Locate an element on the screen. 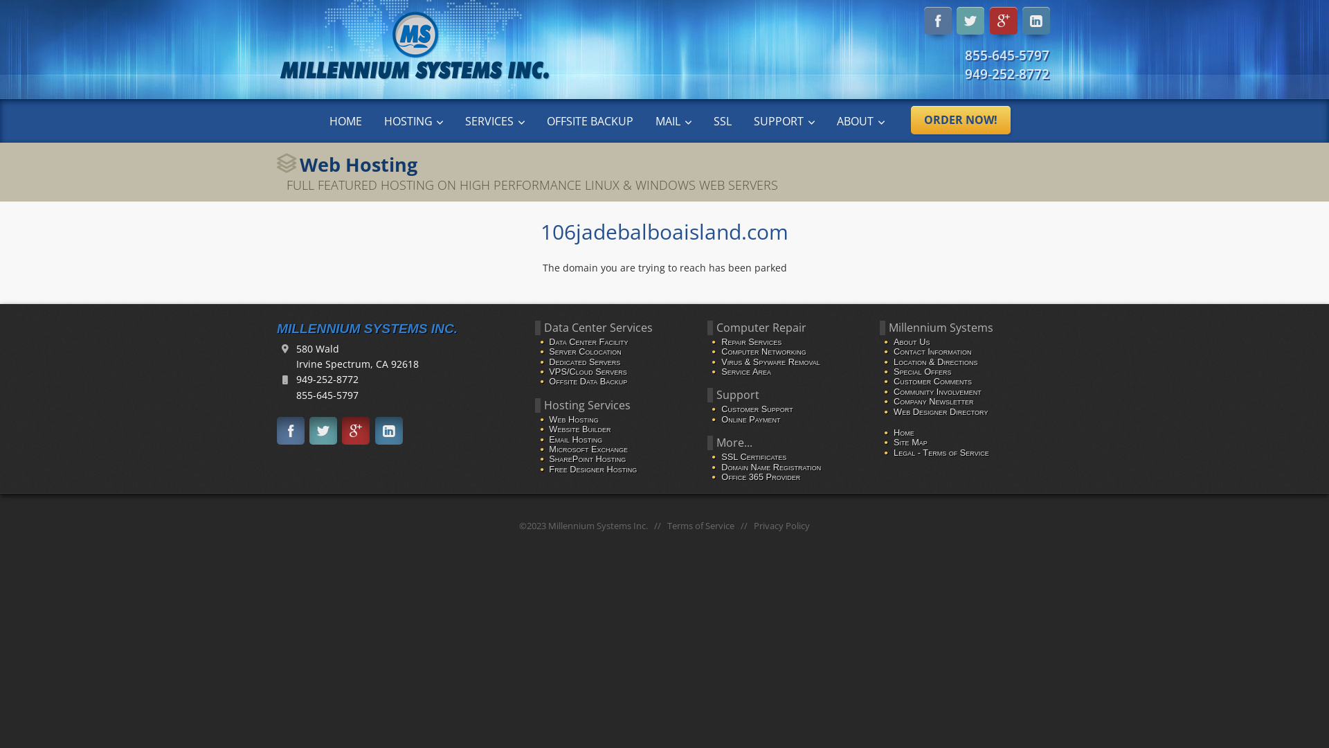 The image size is (1329, 748). 'Virus & Spyware Removal' is located at coordinates (770, 361).